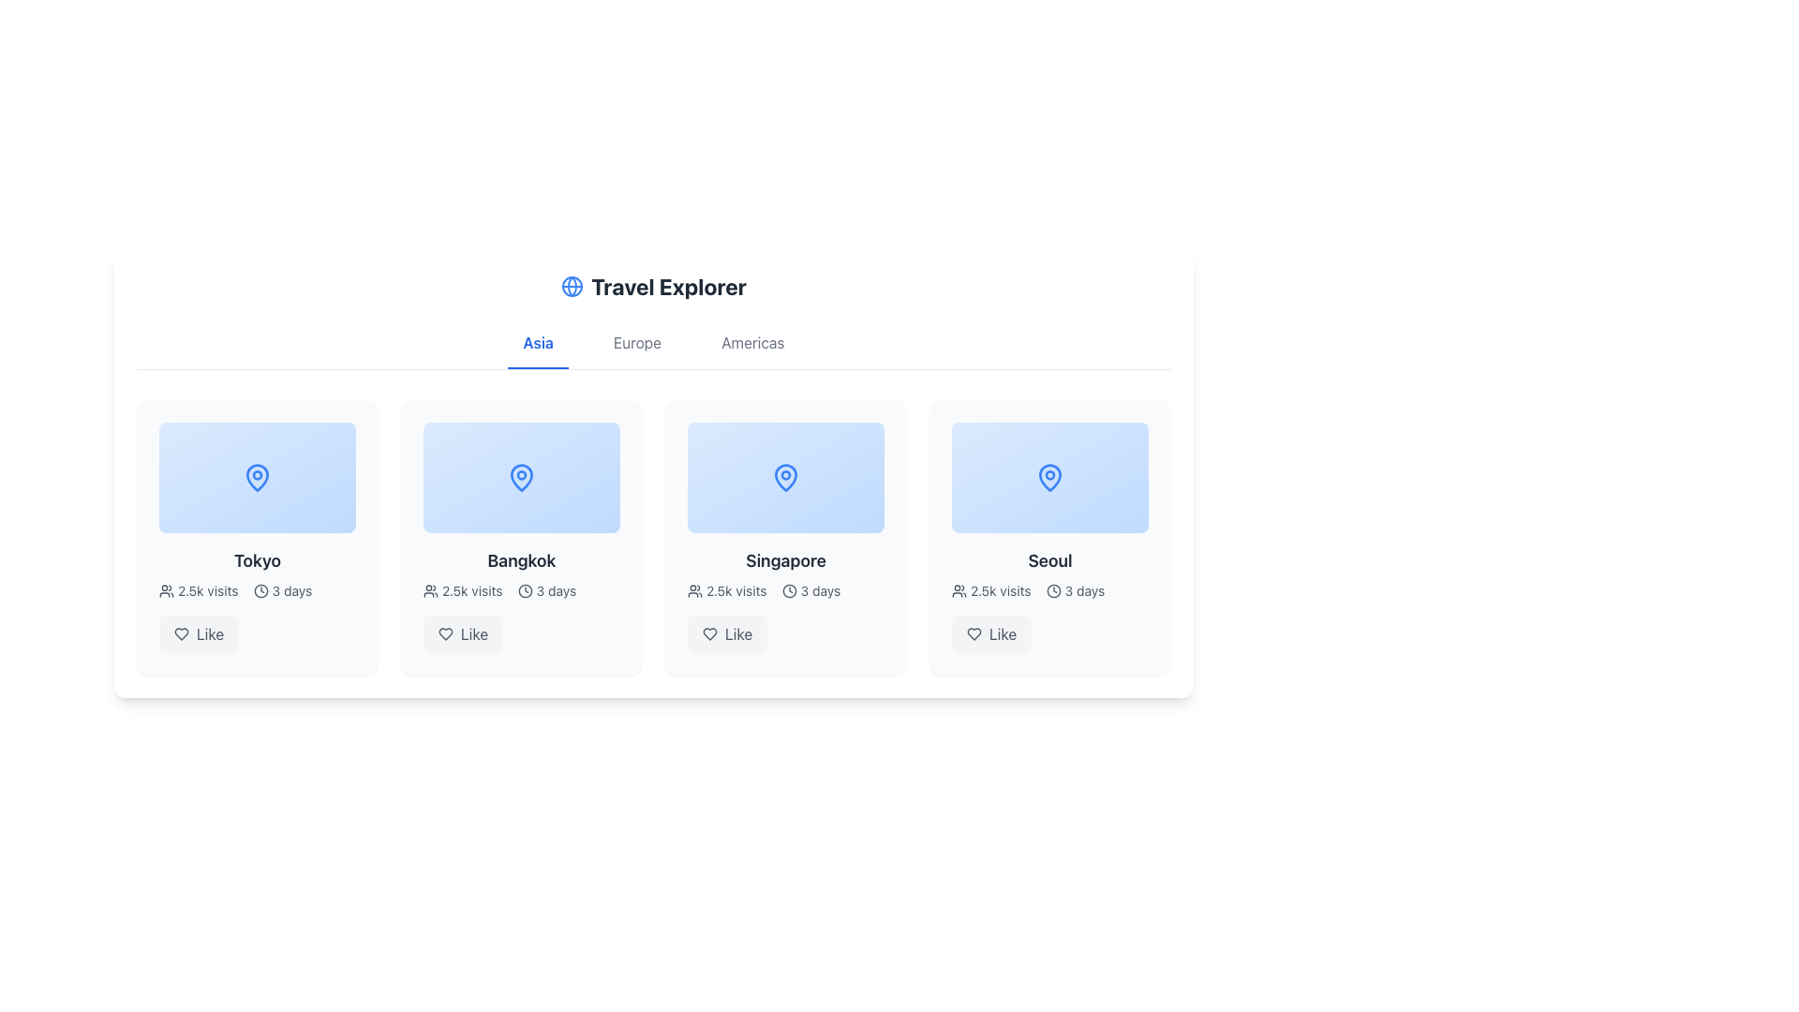  What do you see at coordinates (1053, 591) in the screenshot?
I see `the icon indicating duration or time associated with the '3 days' text, located to the left of the text within the card for 'Seoul'` at bounding box center [1053, 591].